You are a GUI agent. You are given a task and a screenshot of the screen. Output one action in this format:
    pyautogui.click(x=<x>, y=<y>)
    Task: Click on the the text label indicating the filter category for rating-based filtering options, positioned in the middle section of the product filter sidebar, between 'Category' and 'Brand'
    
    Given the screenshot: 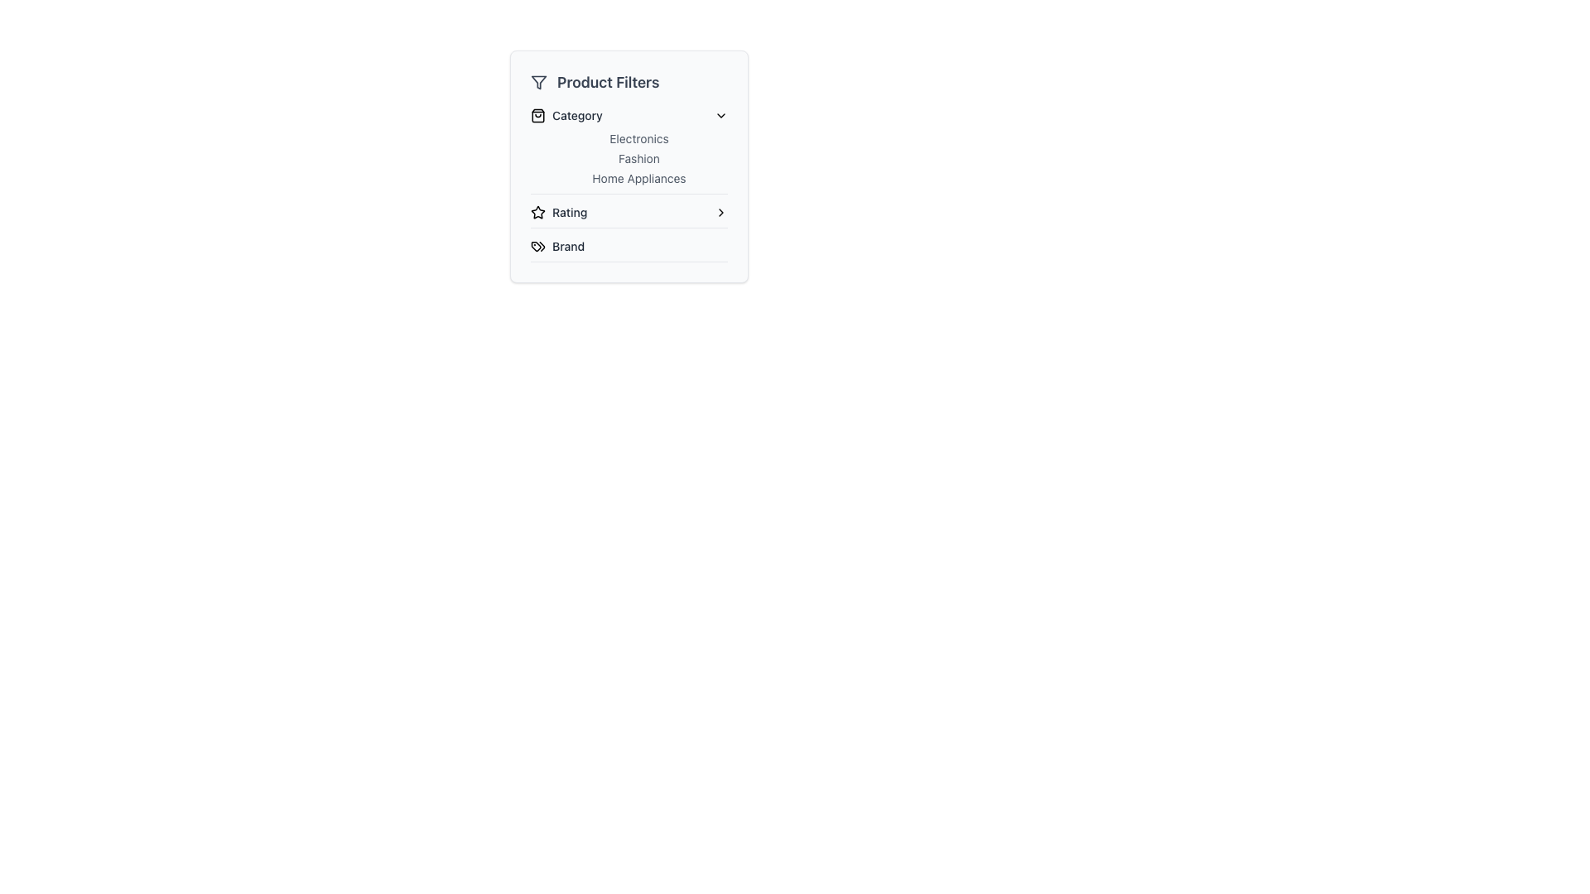 What is the action you would take?
    pyautogui.click(x=570, y=212)
    